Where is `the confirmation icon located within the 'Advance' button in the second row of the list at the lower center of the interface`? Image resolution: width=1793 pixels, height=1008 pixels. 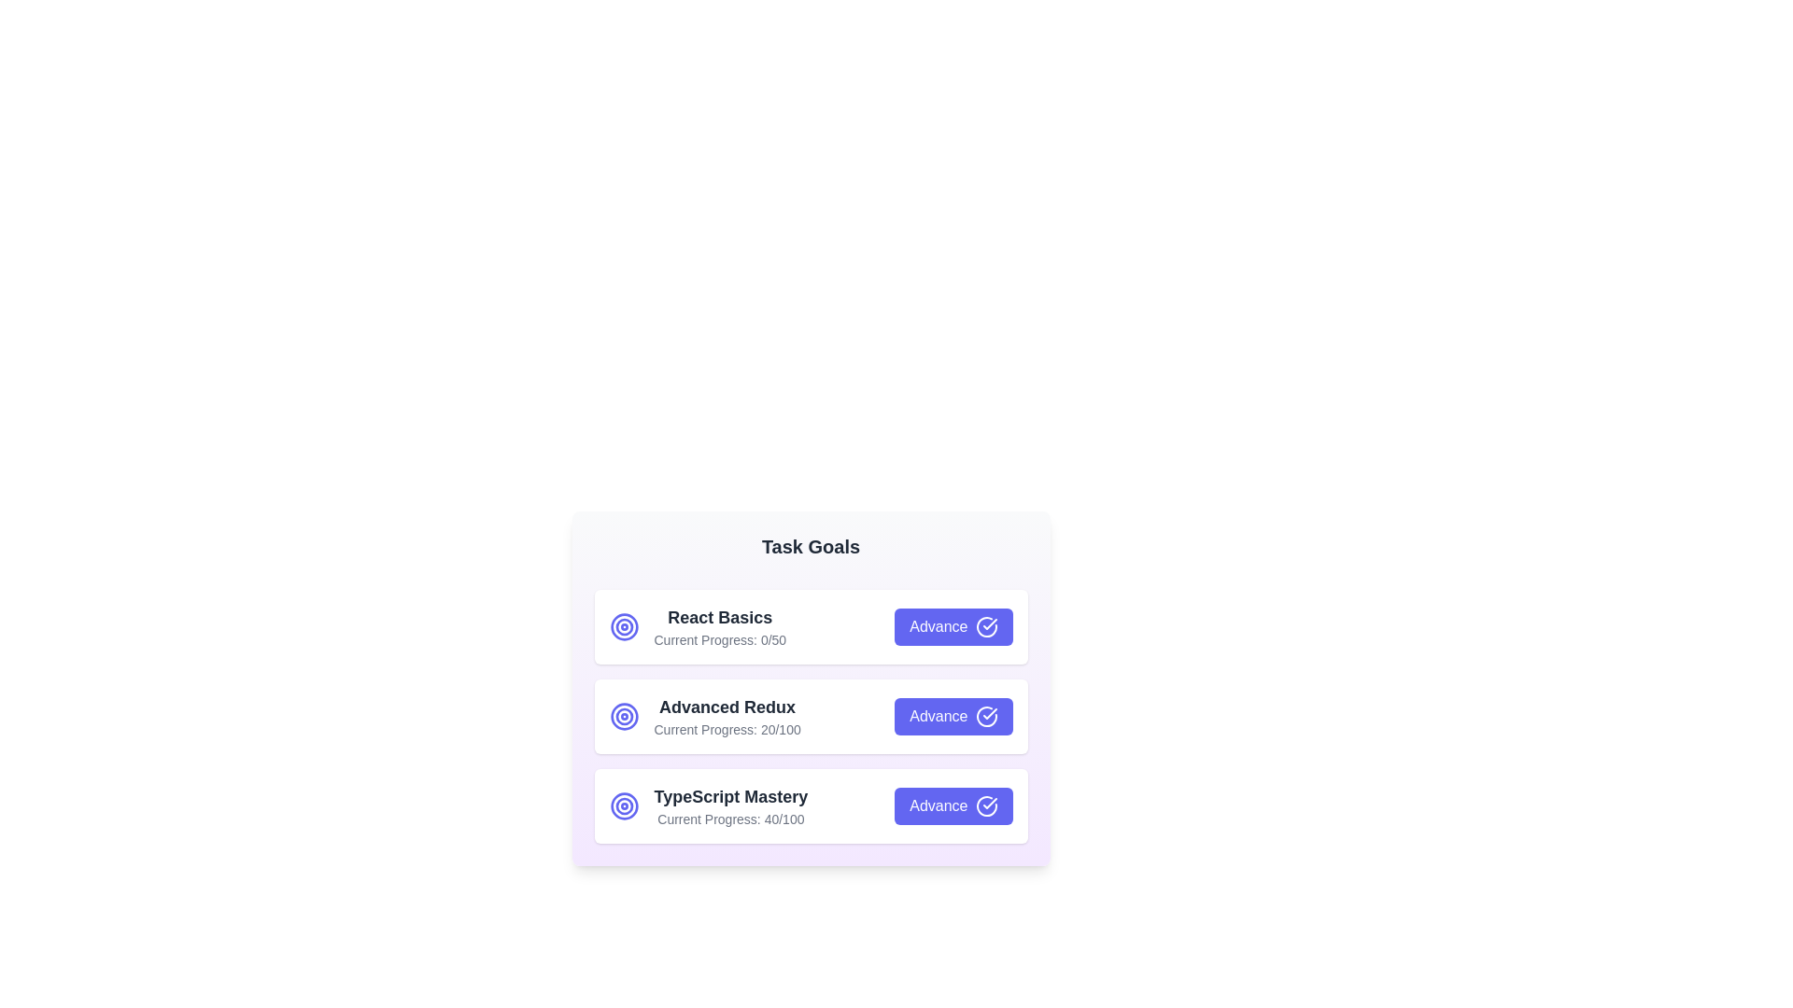
the confirmation icon located within the 'Advance' button in the second row of the list at the lower center of the interface is located at coordinates (985, 715).